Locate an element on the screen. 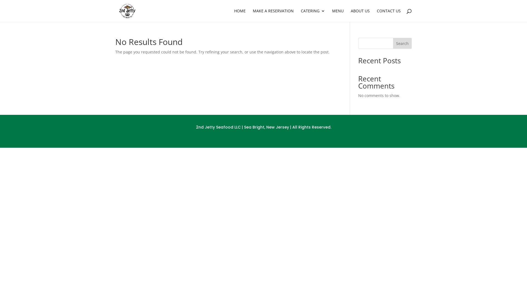 The image size is (527, 296). 'CONTACT US' is located at coordinates (376, 15).